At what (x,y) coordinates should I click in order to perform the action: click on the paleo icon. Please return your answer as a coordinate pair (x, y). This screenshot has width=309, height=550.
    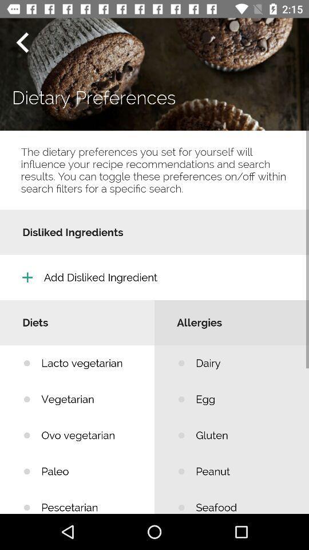
    Looking at the image, I should click on (89, 472).